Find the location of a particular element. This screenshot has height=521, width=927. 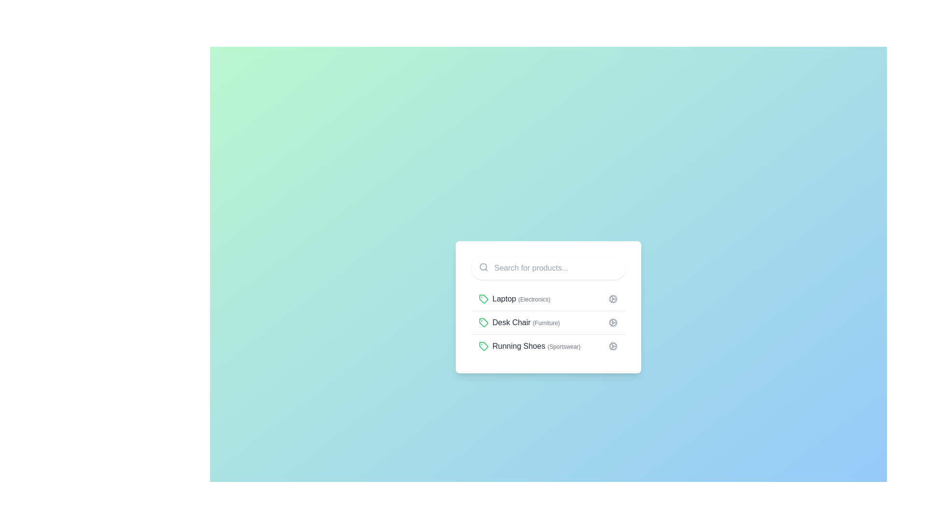

the third list item labeled 'Running Shoes' is located at coordinates (529, 345).